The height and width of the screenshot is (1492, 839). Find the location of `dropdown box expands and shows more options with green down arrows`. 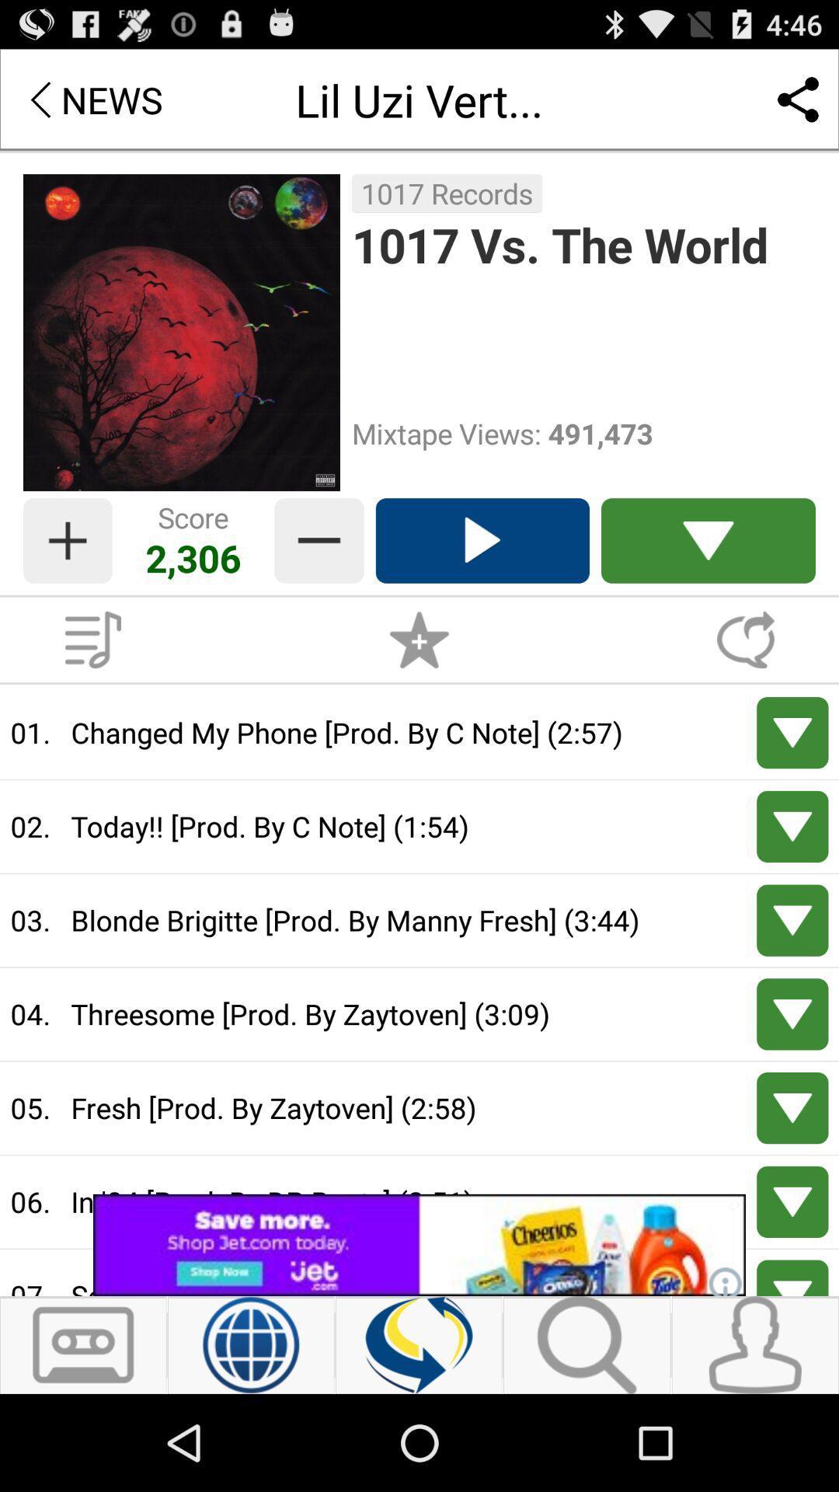

dropdown box expands and shows more options with green down arrows is located at coordinates (708, 541).